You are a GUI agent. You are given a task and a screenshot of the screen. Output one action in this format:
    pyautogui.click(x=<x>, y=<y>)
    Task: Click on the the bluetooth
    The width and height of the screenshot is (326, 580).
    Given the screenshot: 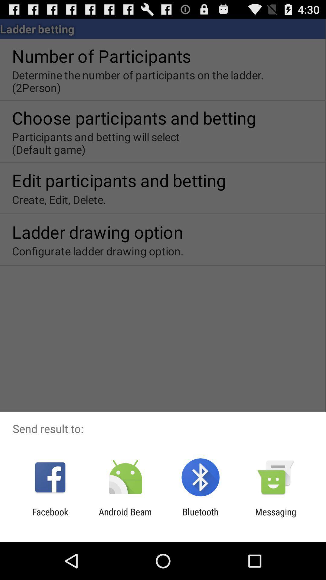 What is the action you would take?
    pyautogui.click(x=200, y=517)
    